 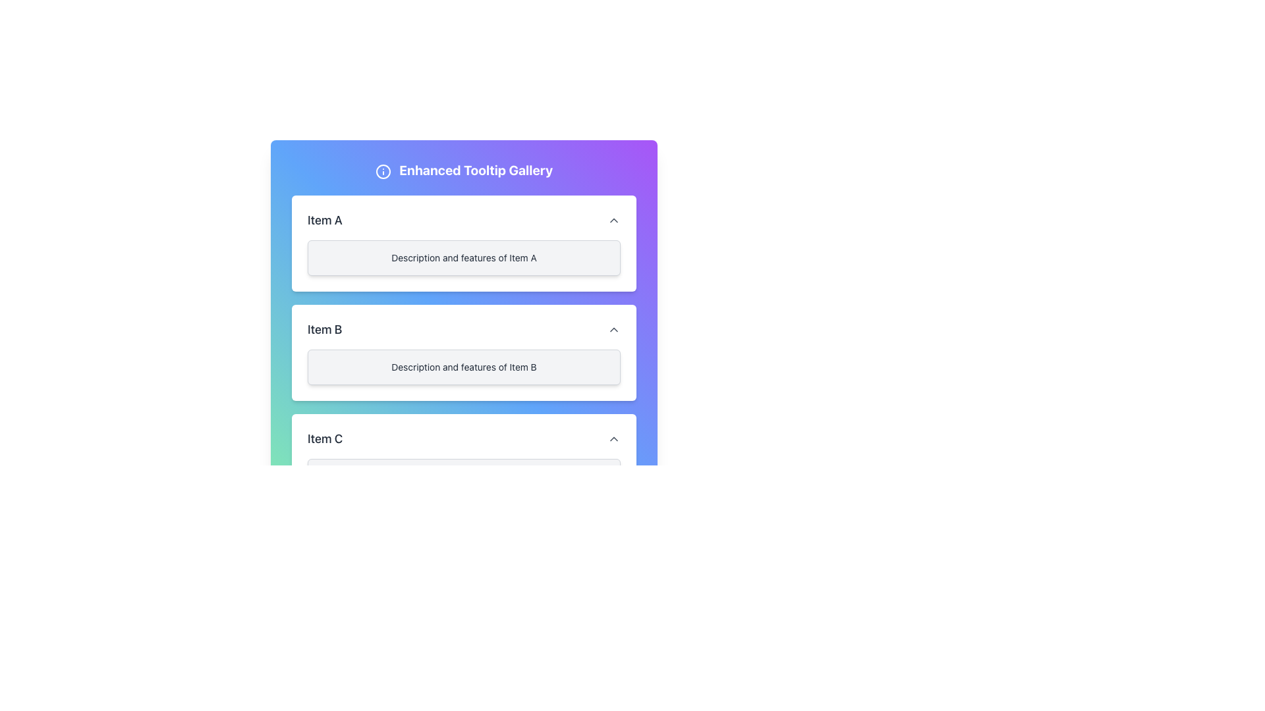 What do you see at coordinates (325, 220) in the screenshot?
I see `the text label displaying 'Item A' which is styled in a medium-bold sans-serif font, as it may have interactive controls associated with it` at bounding box center [325, 220].